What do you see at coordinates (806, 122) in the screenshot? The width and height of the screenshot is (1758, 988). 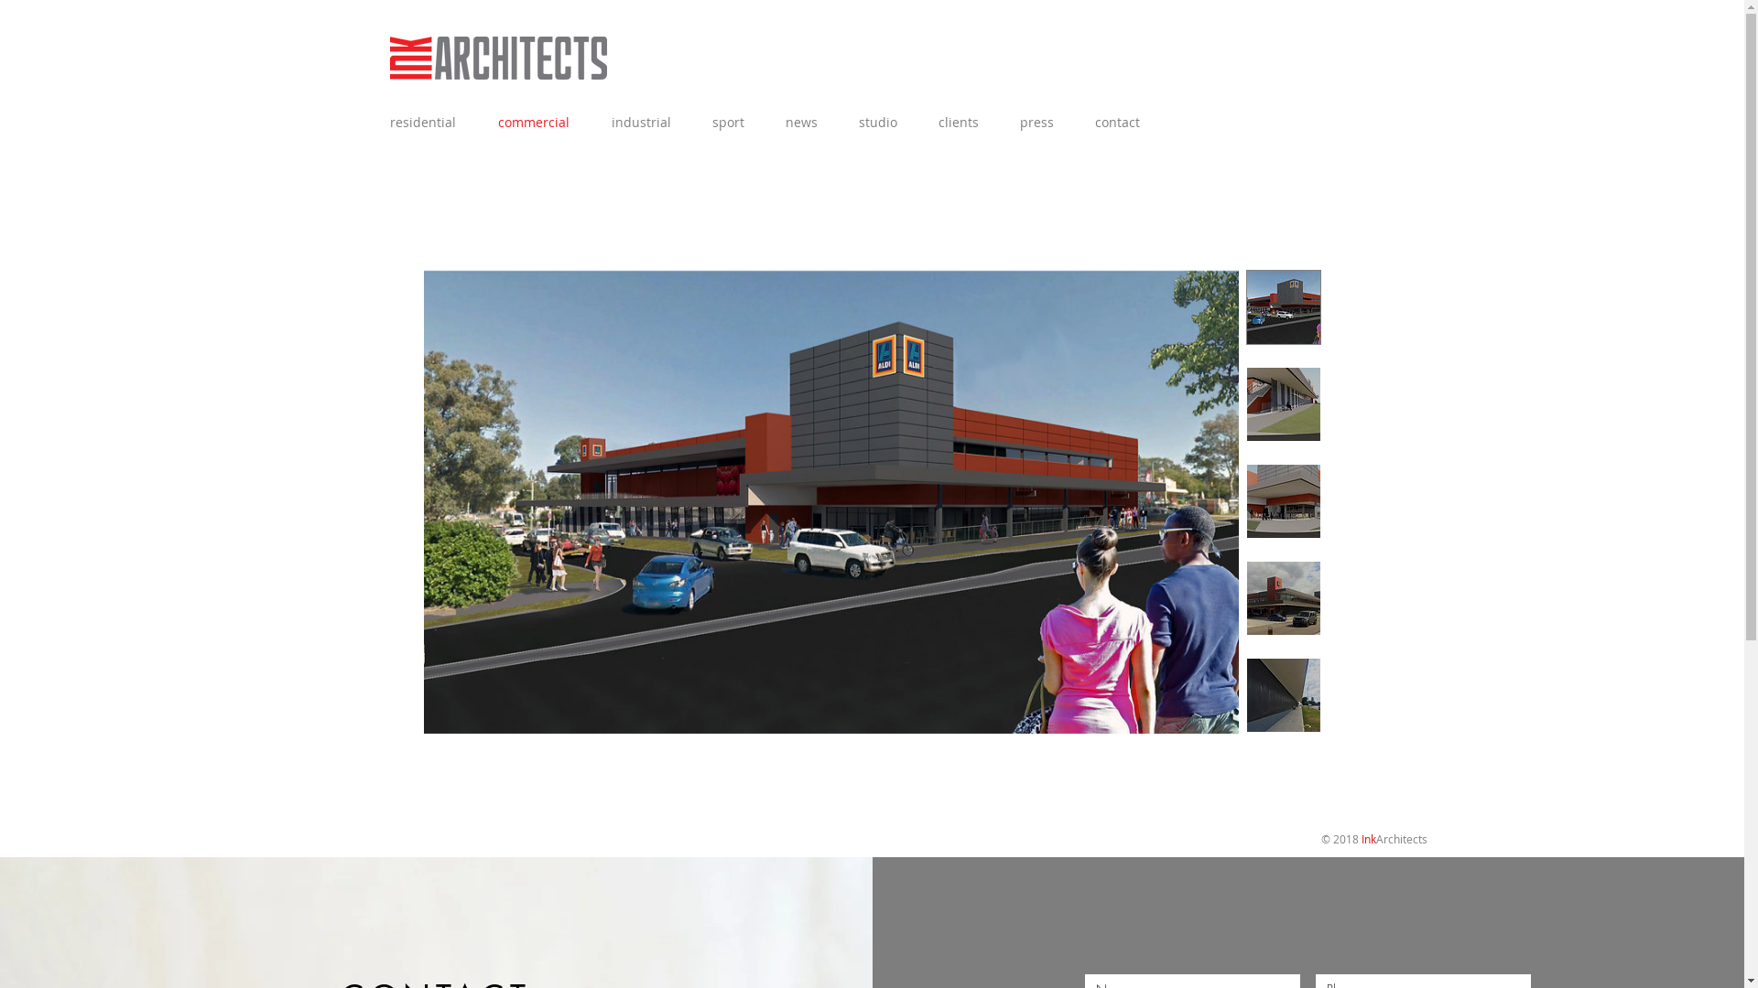 I see `'news'` at bounding box center [806, 122].